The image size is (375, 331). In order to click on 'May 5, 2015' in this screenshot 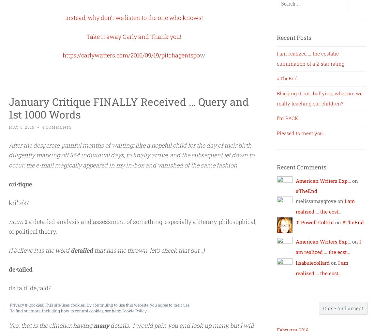, I will do `click(21, 126)`.